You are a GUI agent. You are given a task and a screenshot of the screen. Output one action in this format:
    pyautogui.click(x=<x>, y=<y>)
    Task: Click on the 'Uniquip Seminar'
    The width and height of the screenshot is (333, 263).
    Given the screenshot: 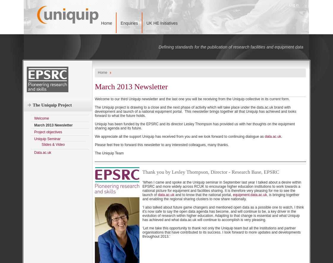 What is the action you would take?
    pyautogui.click(x=34, y=139)
    